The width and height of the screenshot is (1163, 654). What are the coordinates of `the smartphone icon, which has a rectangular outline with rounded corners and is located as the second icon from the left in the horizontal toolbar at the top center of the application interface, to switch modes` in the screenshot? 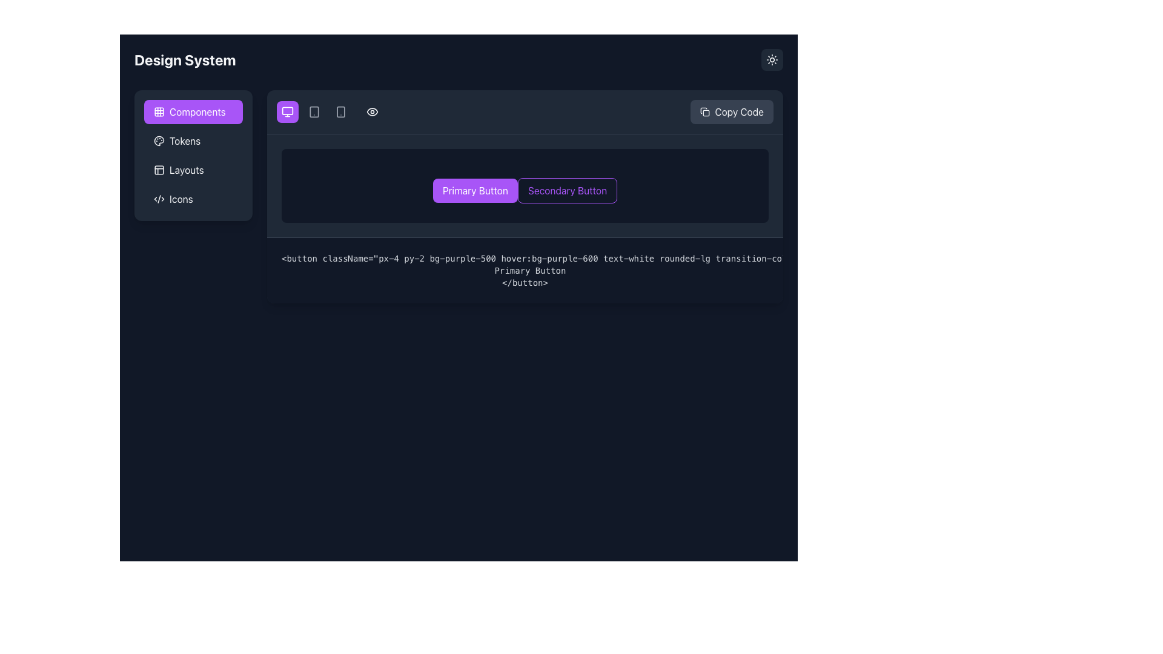 It's located at (340, 112).